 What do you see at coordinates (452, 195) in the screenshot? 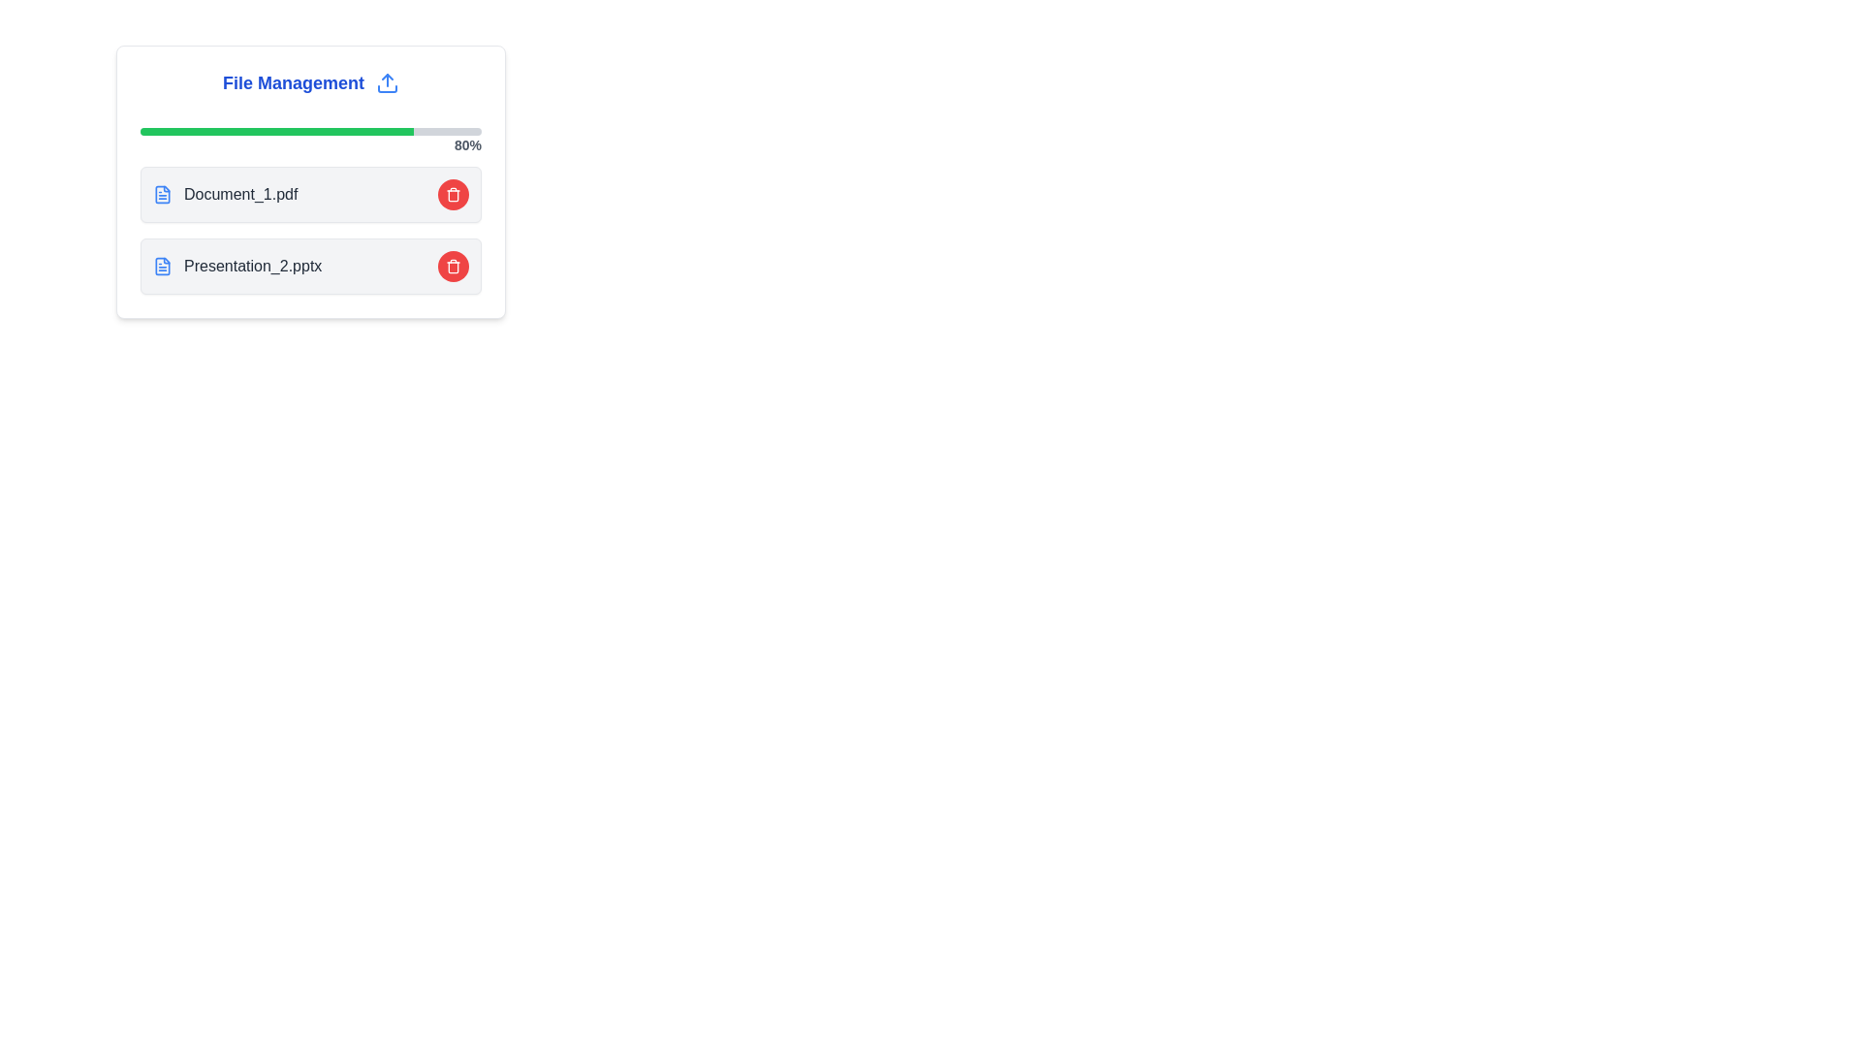
I see `the body of the trash bin icon, which is a rectangular shape with rounded edges representing a delete function, located to the right of the file listing row` at bounding box center [452, 195].